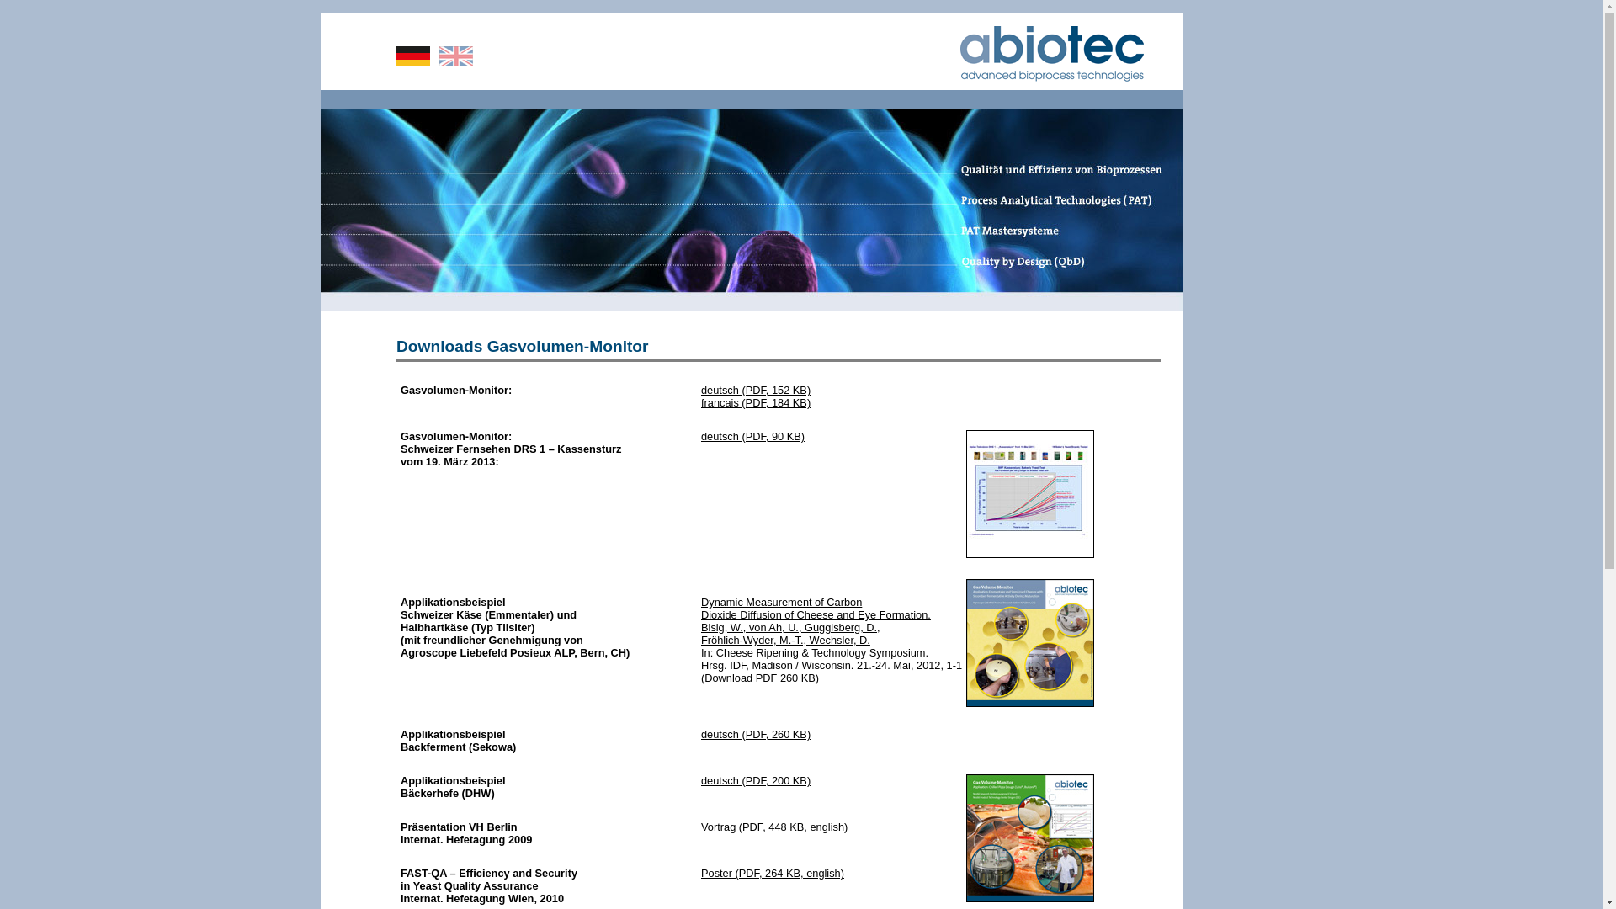 The width and height of the screenshot is (1616, 909). Describe the element at coordinates (773, 826) in the screenshot. I see `'Vortrag (PDF, 448 KB, english)'` at that location.